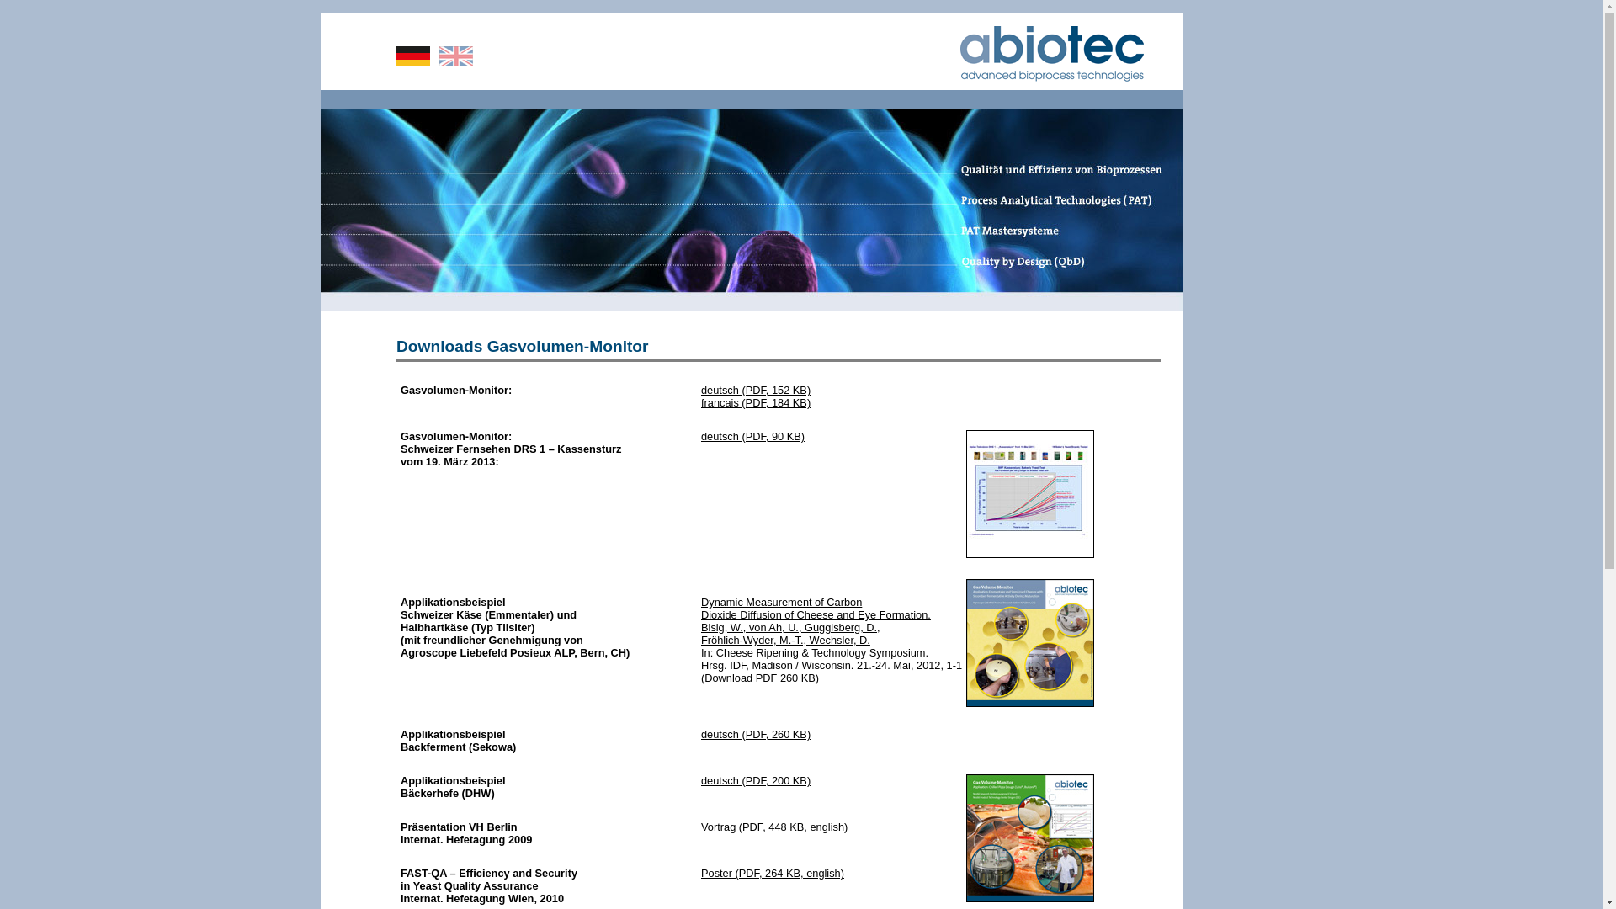 The width and height of the screenshot is (1616, 909). Describe the element at coordinates (773, 826) in the screenshot. I see `'Vortrag (PDF, 448 KB, english)'` at that location.